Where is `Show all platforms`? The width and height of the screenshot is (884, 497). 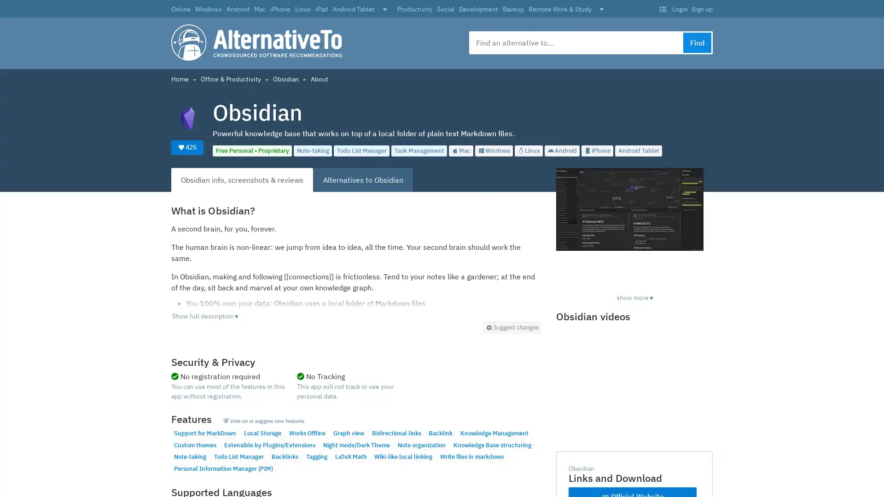 Show all platforms is located at coordinates (384, 10).